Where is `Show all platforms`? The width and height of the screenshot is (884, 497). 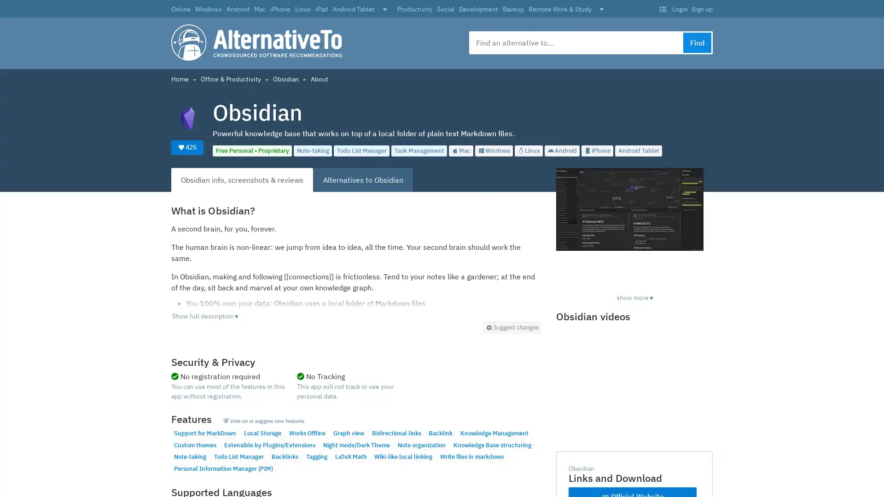 Show all platforms is located at coordinates (384, 10).